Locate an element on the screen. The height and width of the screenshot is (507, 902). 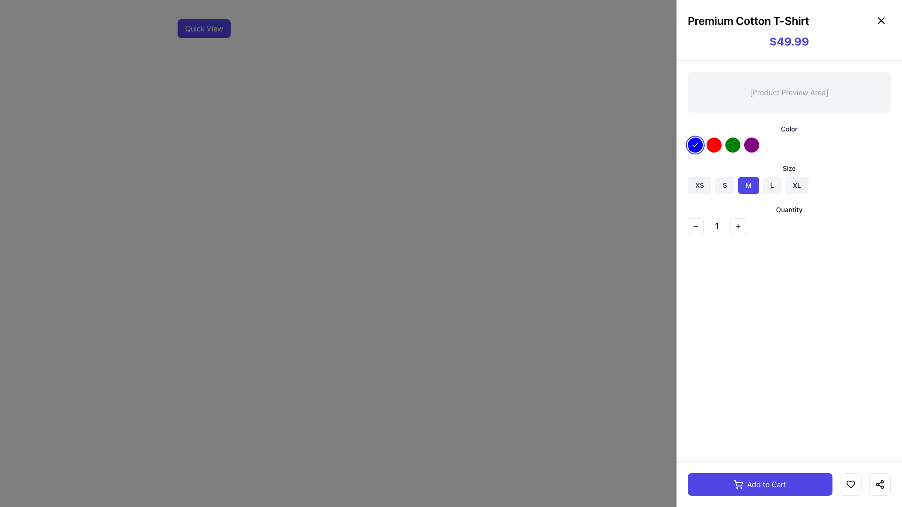
the rectangular button with a light gray background and a bold black letter 'L' centered within it, located under the 'Size' header as the fourth button in a horizontal list of five size buttons is located at coordinates (772, 185).